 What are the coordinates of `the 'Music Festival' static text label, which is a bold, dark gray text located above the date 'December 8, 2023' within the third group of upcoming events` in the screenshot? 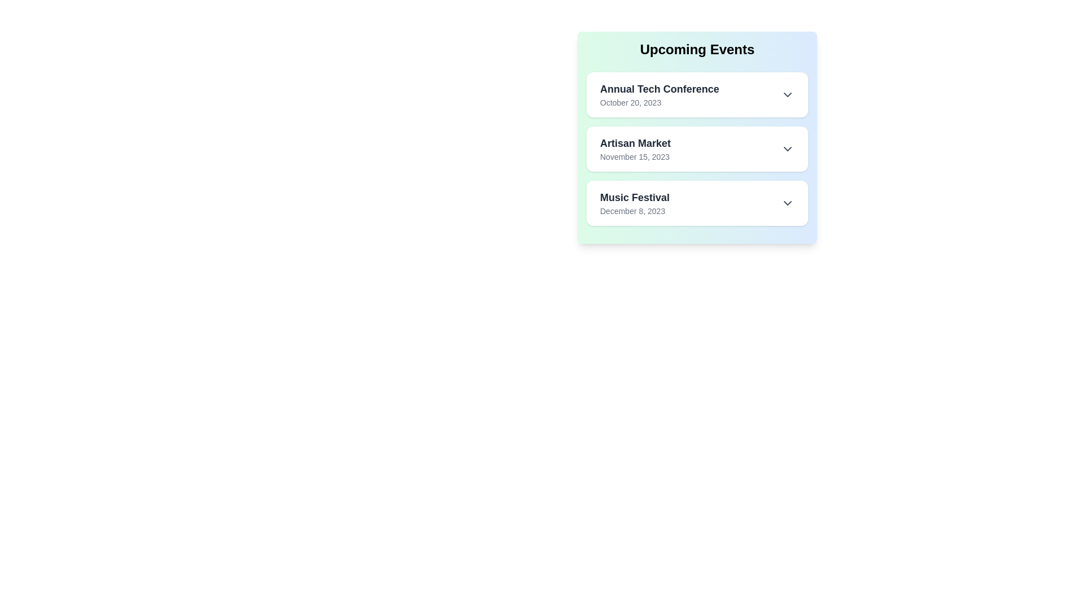 It's located at (635, 197).